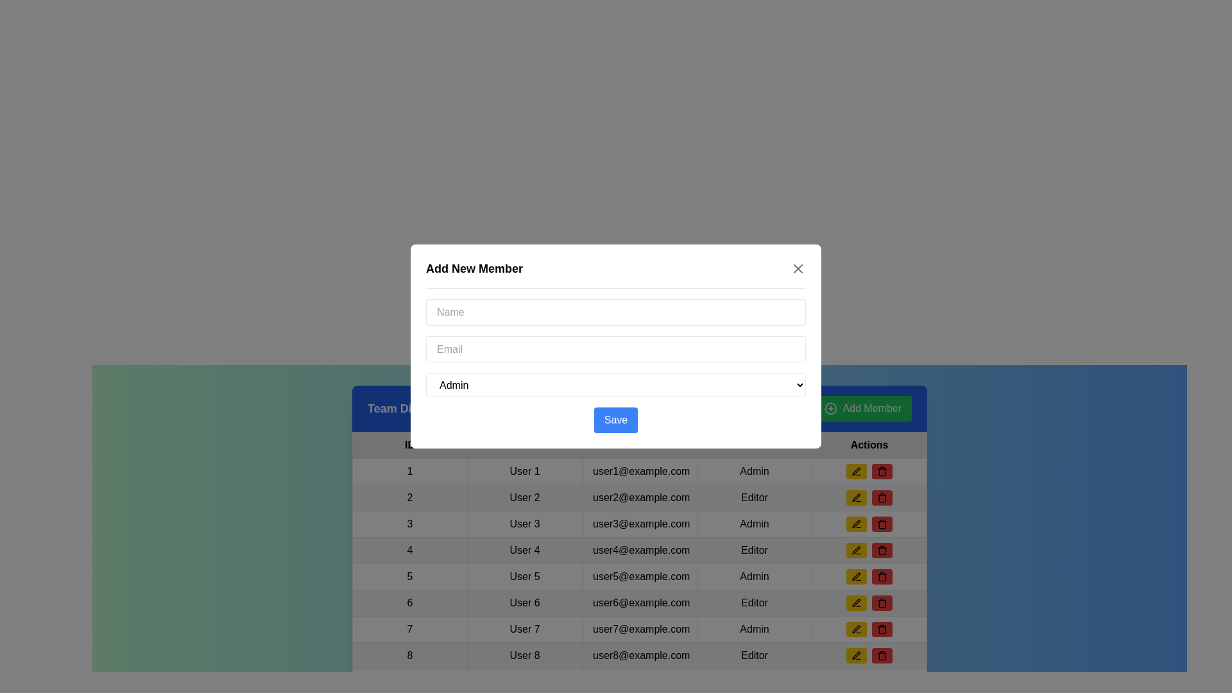 The height and width of the screenshot is (693, 1232). I want to click on the red rounded delete button with a trash bin icon located as the second button in the Action column of the data table, so click(881, 549).